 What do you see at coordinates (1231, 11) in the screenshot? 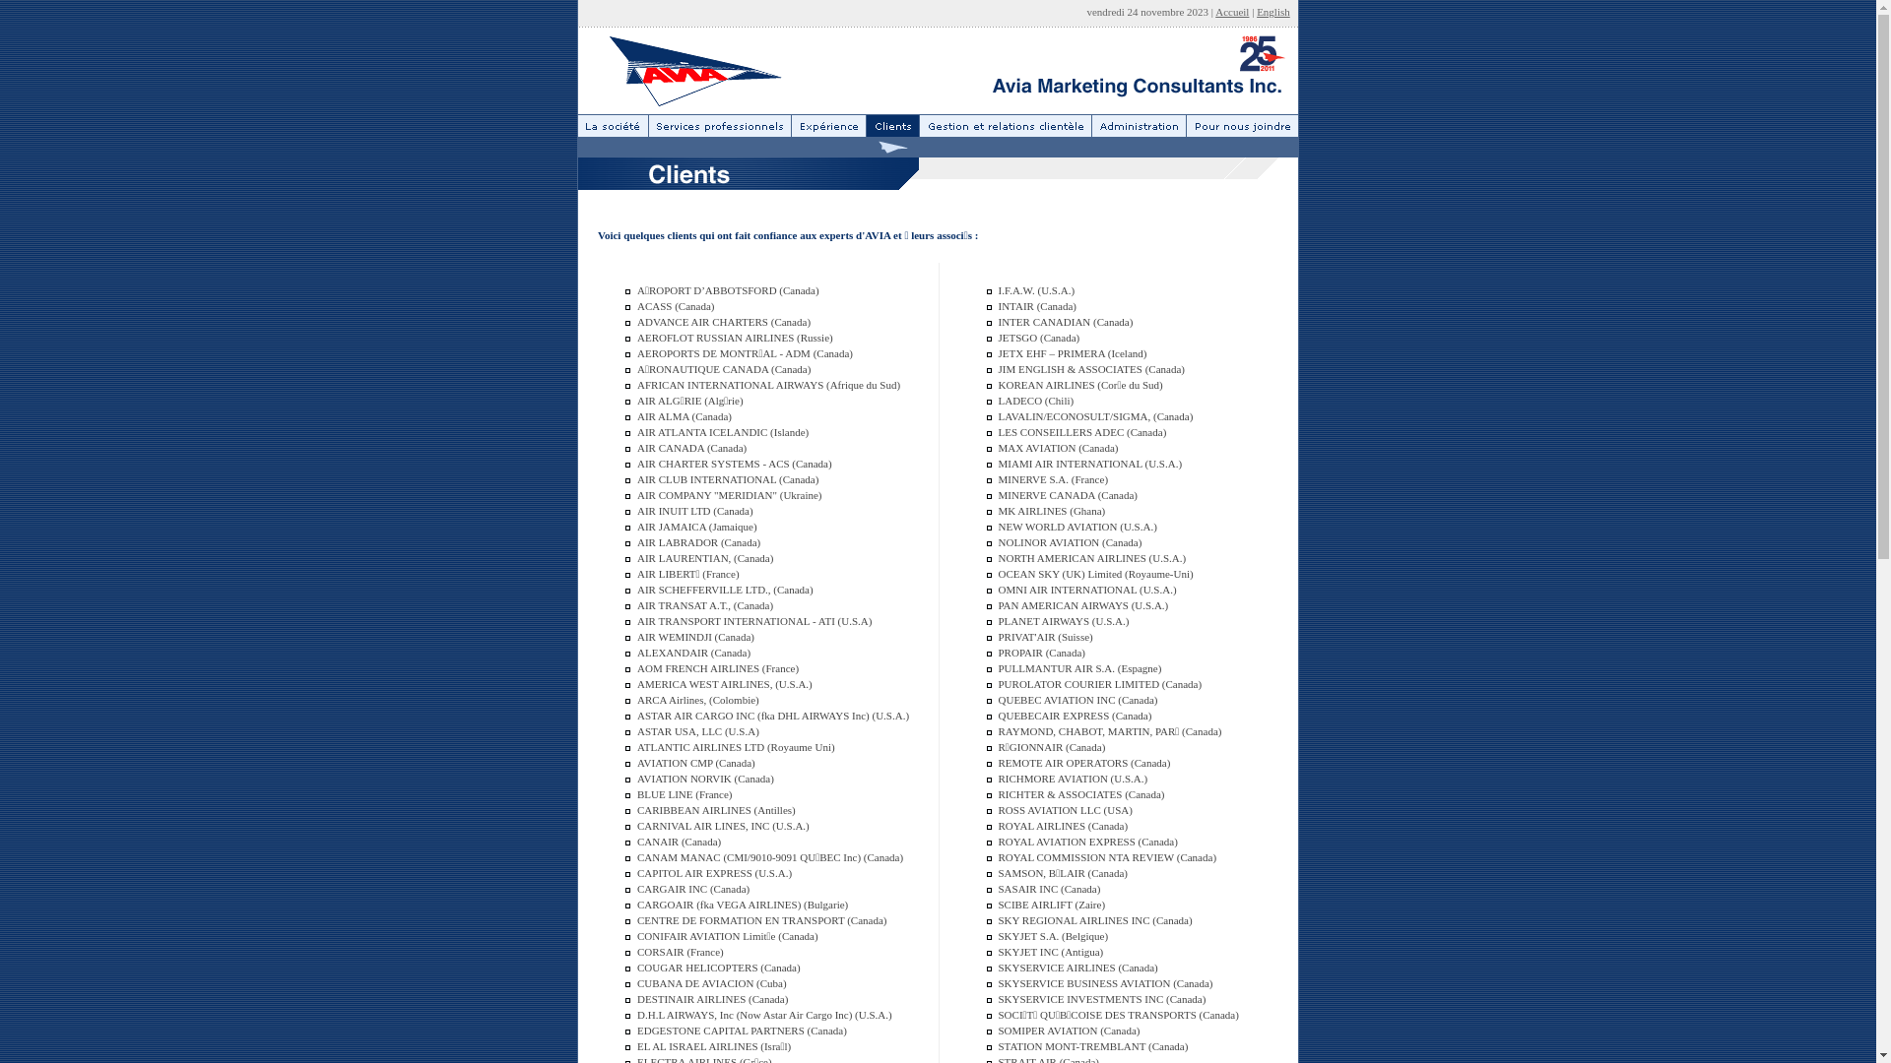
I see `'Accueil'` at bounding box center [1231, 11].